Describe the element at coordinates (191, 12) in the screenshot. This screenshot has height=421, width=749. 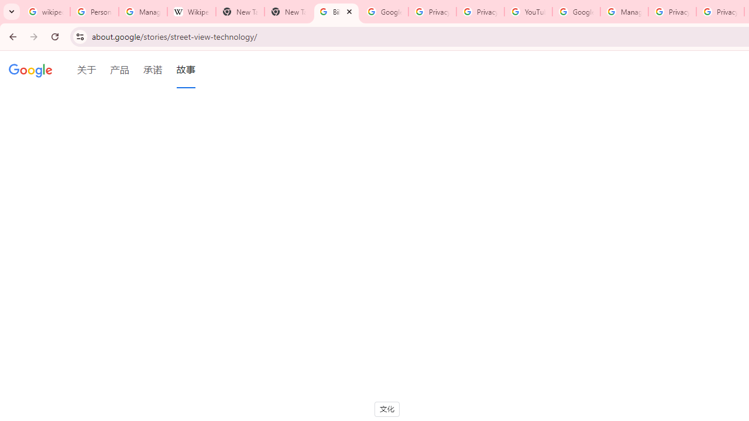
I see `'Wikipedia:Edit requests - Wikipedia'` at that location.